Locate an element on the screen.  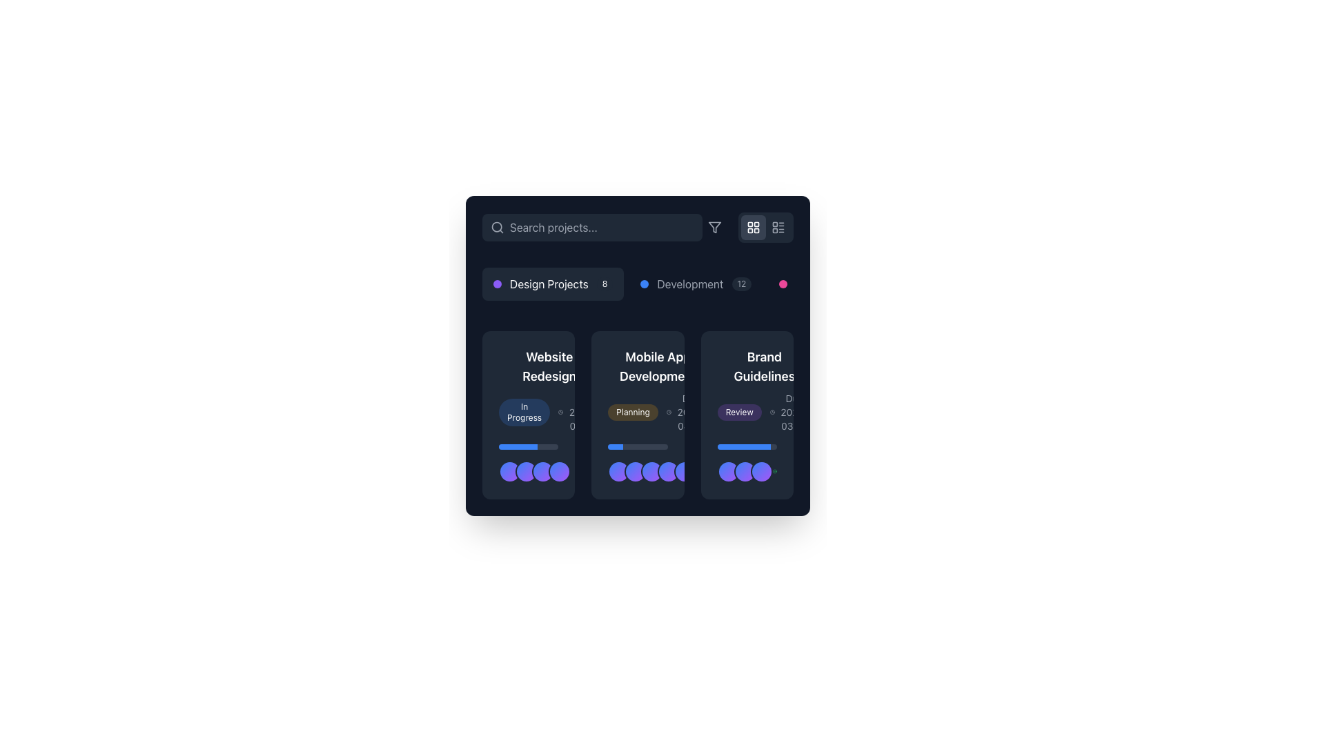
the Status Badge indicating the current project status 'Planning', located centrally within the 'Mobile App Development' card is located at coordinates (637, 414).